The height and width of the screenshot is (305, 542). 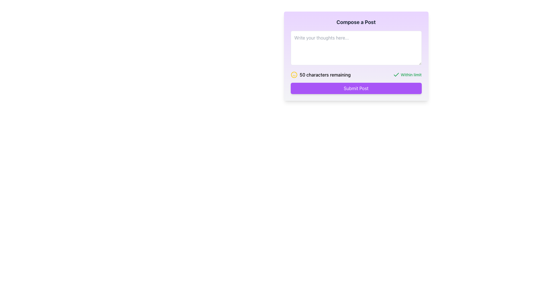 What do you see at coordinates (325, 75) in the screenshot?
I see `the Text Display that reads '50 characters remaining', which is located to the right of a smiley icon and beneath a text area for composing a post` at bounding box center [325, 75].